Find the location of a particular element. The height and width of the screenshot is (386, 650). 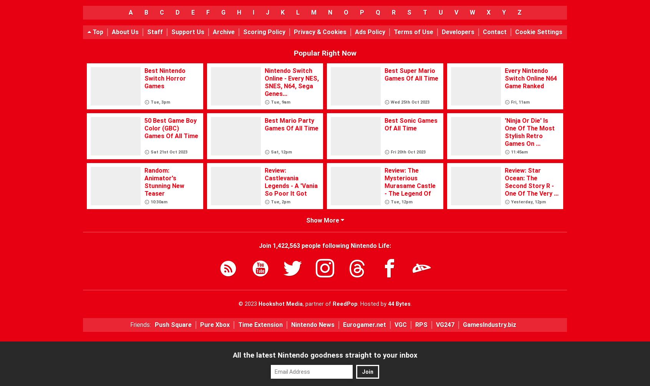

'Tue, 2pm' is located at coordinates (280, 202).